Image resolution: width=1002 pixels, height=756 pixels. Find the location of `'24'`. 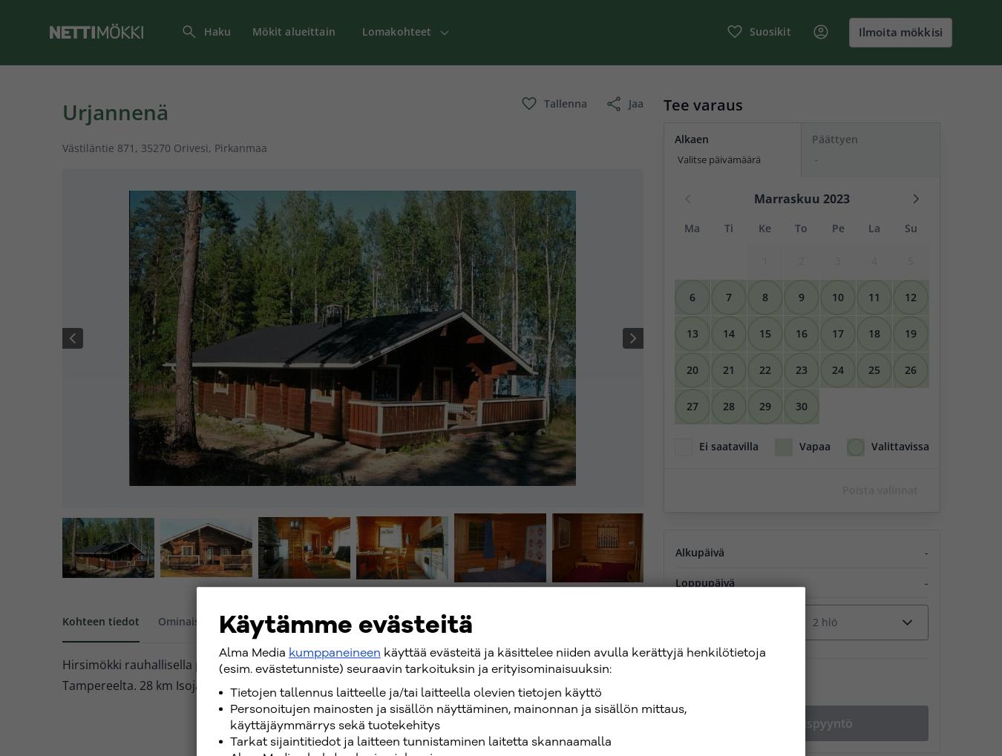

'24' is located at coordinates (837, 369).